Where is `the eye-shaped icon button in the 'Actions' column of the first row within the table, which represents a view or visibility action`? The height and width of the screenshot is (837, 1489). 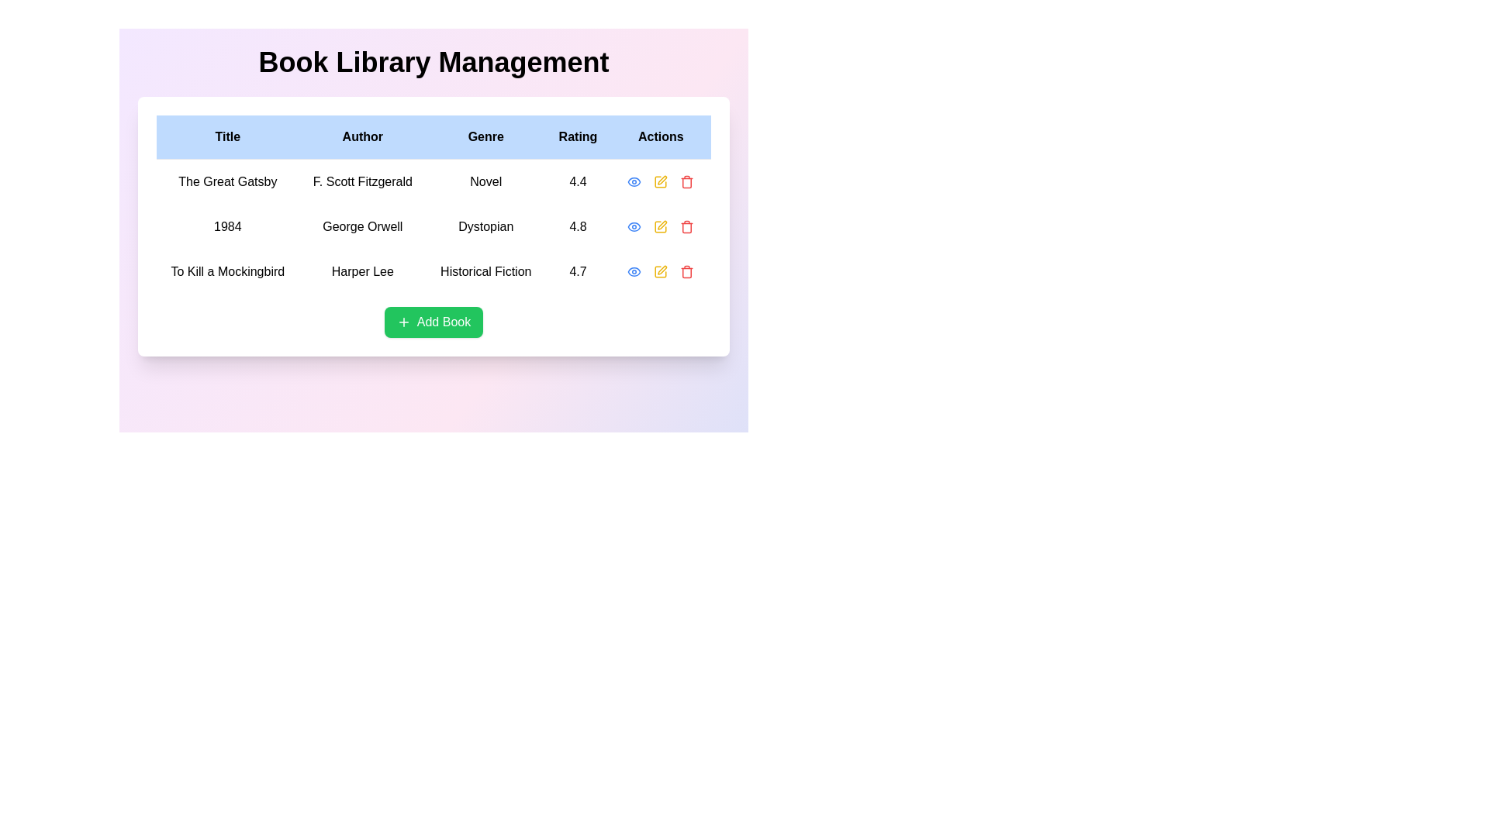 the eye-shaped icon button in the 'Actions' column of the first row within the table, which represents a view or visibility action is located at coordinates (634, 227).